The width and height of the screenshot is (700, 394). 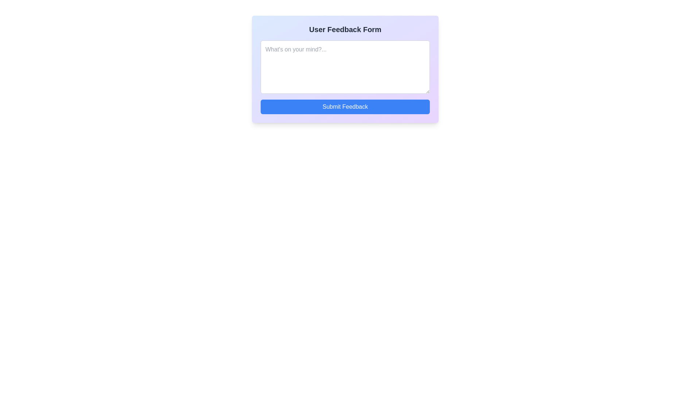 What do you see at coordinates (345, 107) in the screenshot?
I see `the 'Submit Feedback' button, which is a wide rectangular button with a vibrant blue background and white text, located at the bottom of the 'User Feedback Form'` at bounding box center [345, 107].